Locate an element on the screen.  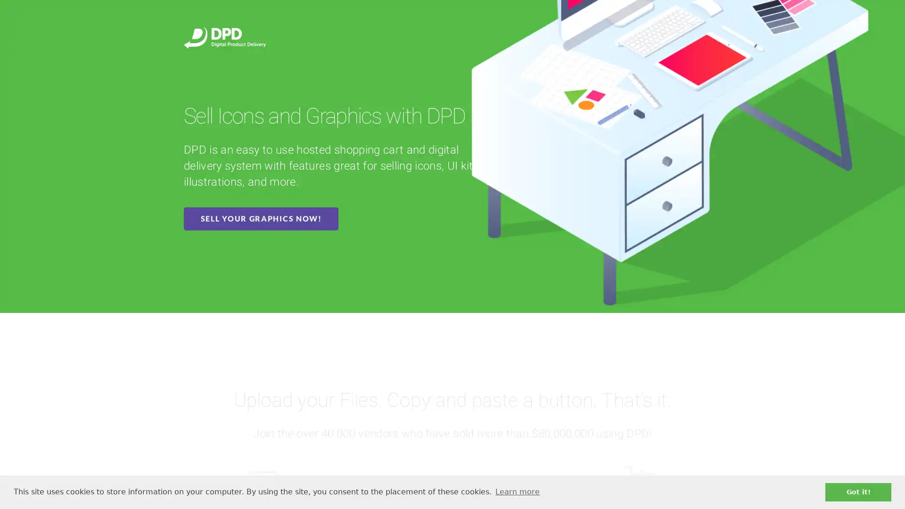
learn more about cookies is located at coordinates (517, 492).